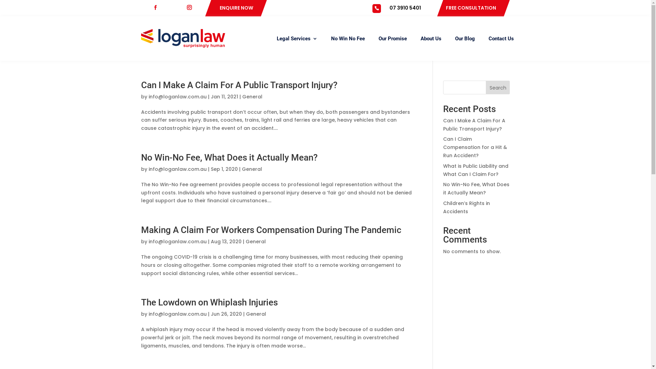  I want to click on 'No Win No Fee', so click(331, 38).